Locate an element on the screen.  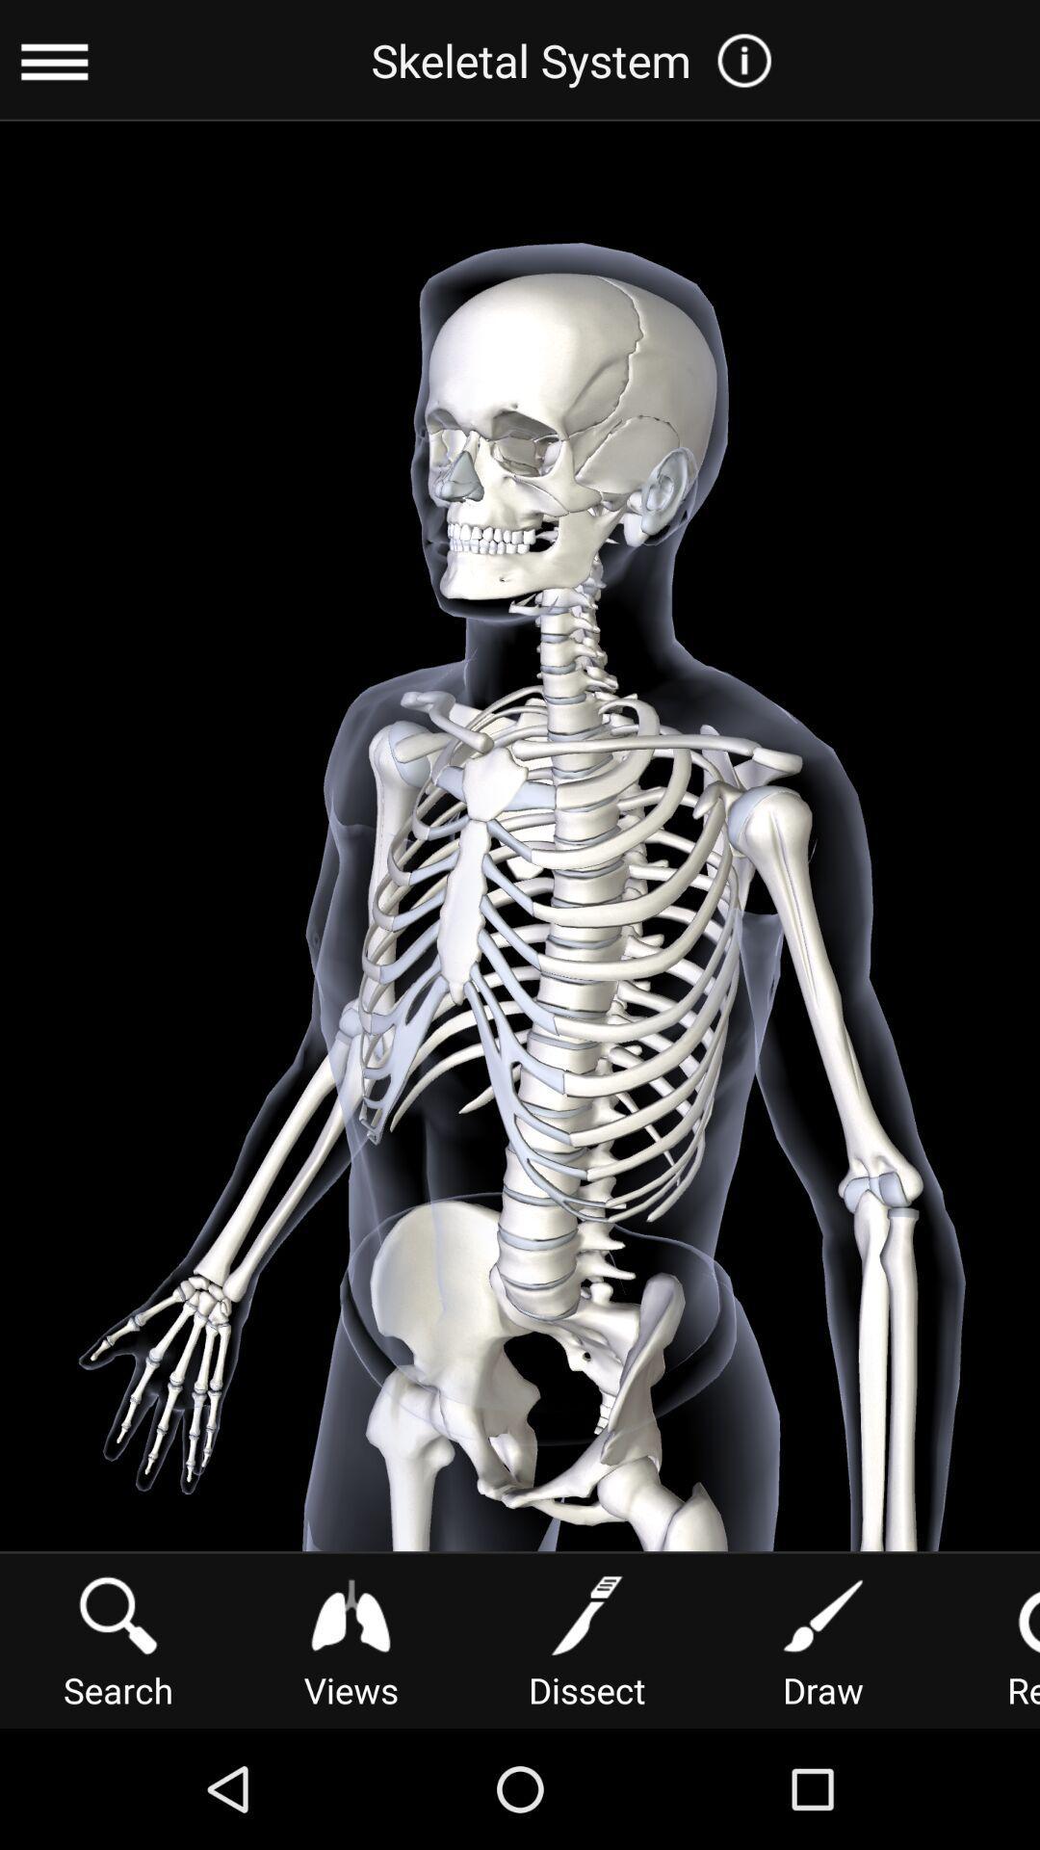
button to the left of the draw item is located at coordinates (585, 1638).